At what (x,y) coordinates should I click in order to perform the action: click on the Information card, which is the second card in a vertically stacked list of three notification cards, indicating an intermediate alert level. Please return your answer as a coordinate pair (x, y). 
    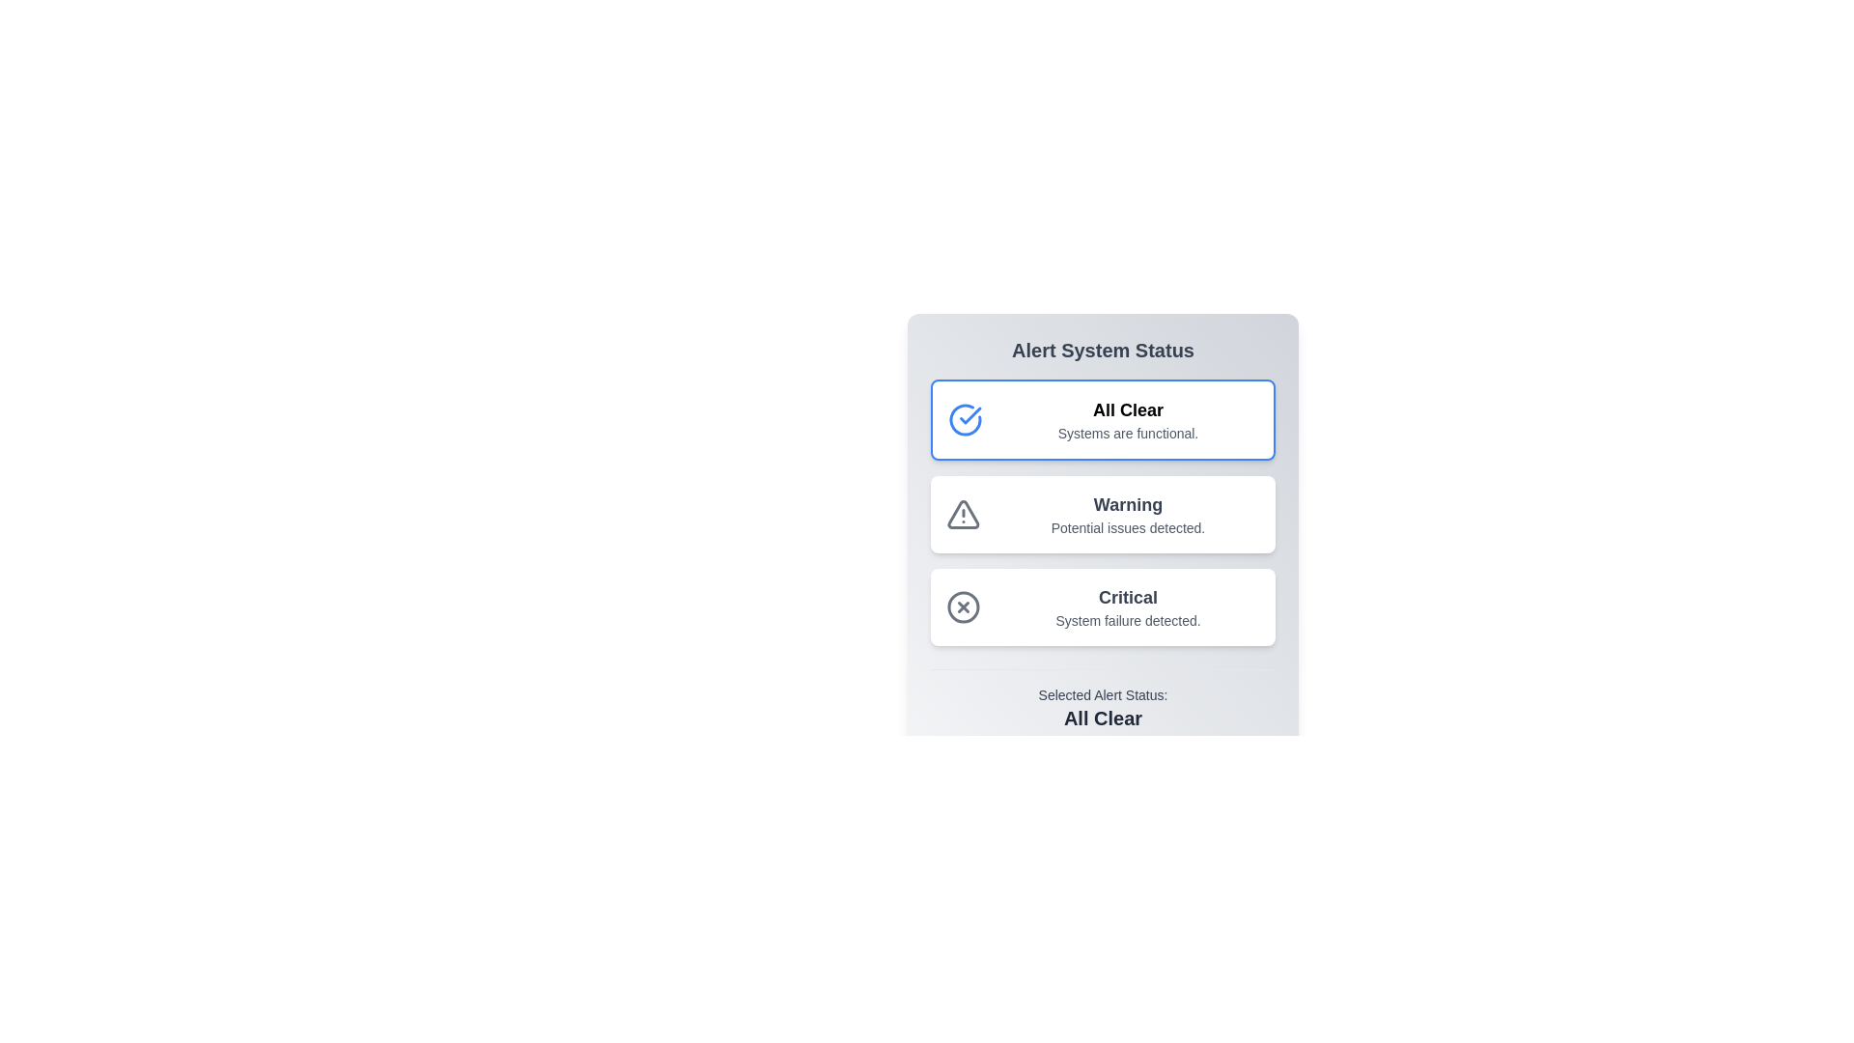
    Looking at the image, I should click on (1103, 534).